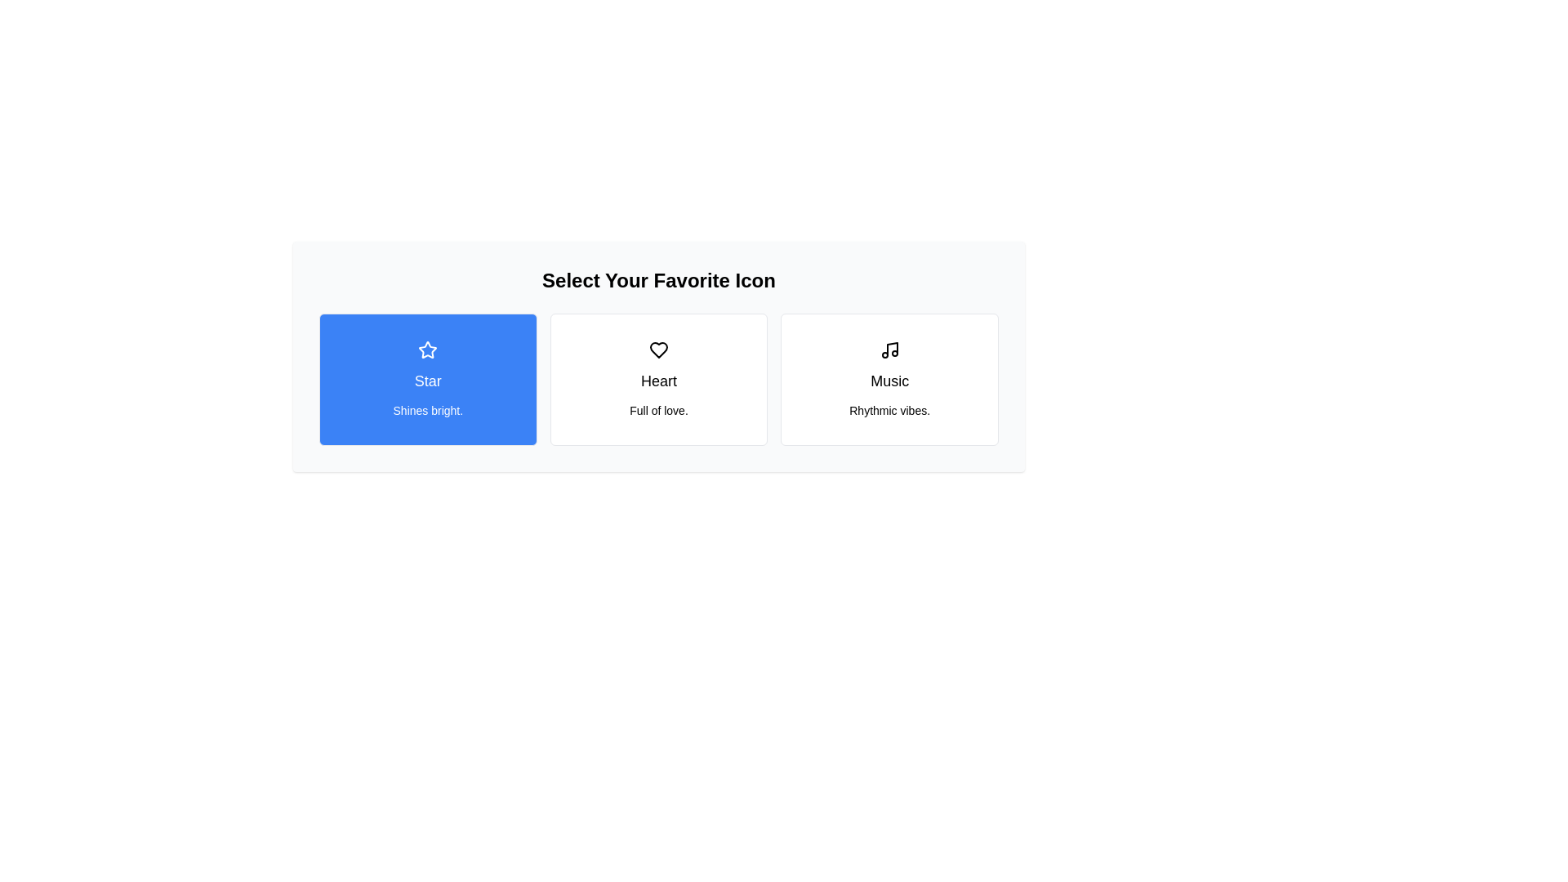 This screenshot has width=1568, height=882. What do you see at coordinates (658, 380) in the screenshot?
I see `the 'Heart Full of love.' selectable card located in the center of three cards in a horizontal layout under the title 'Select Your Favorite Icon'` at bounding box center [658, 380].